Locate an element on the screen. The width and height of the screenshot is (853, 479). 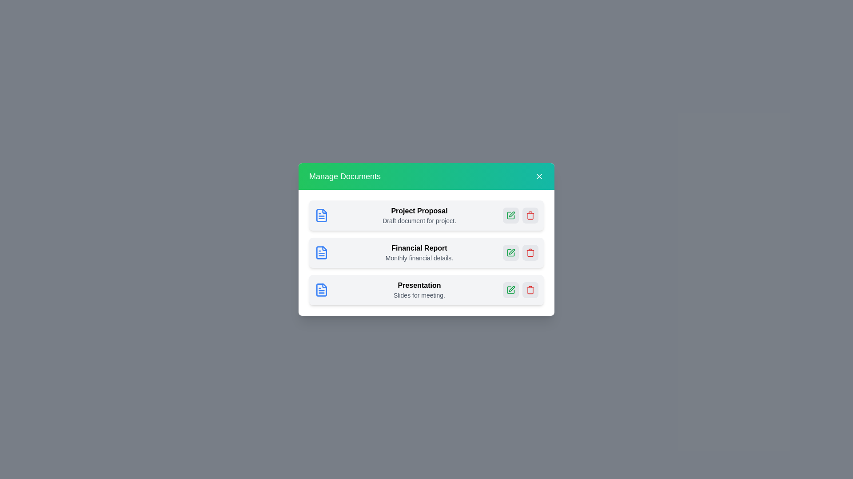
the delete button for the document named Presentation is located at coordinates (530, 290).